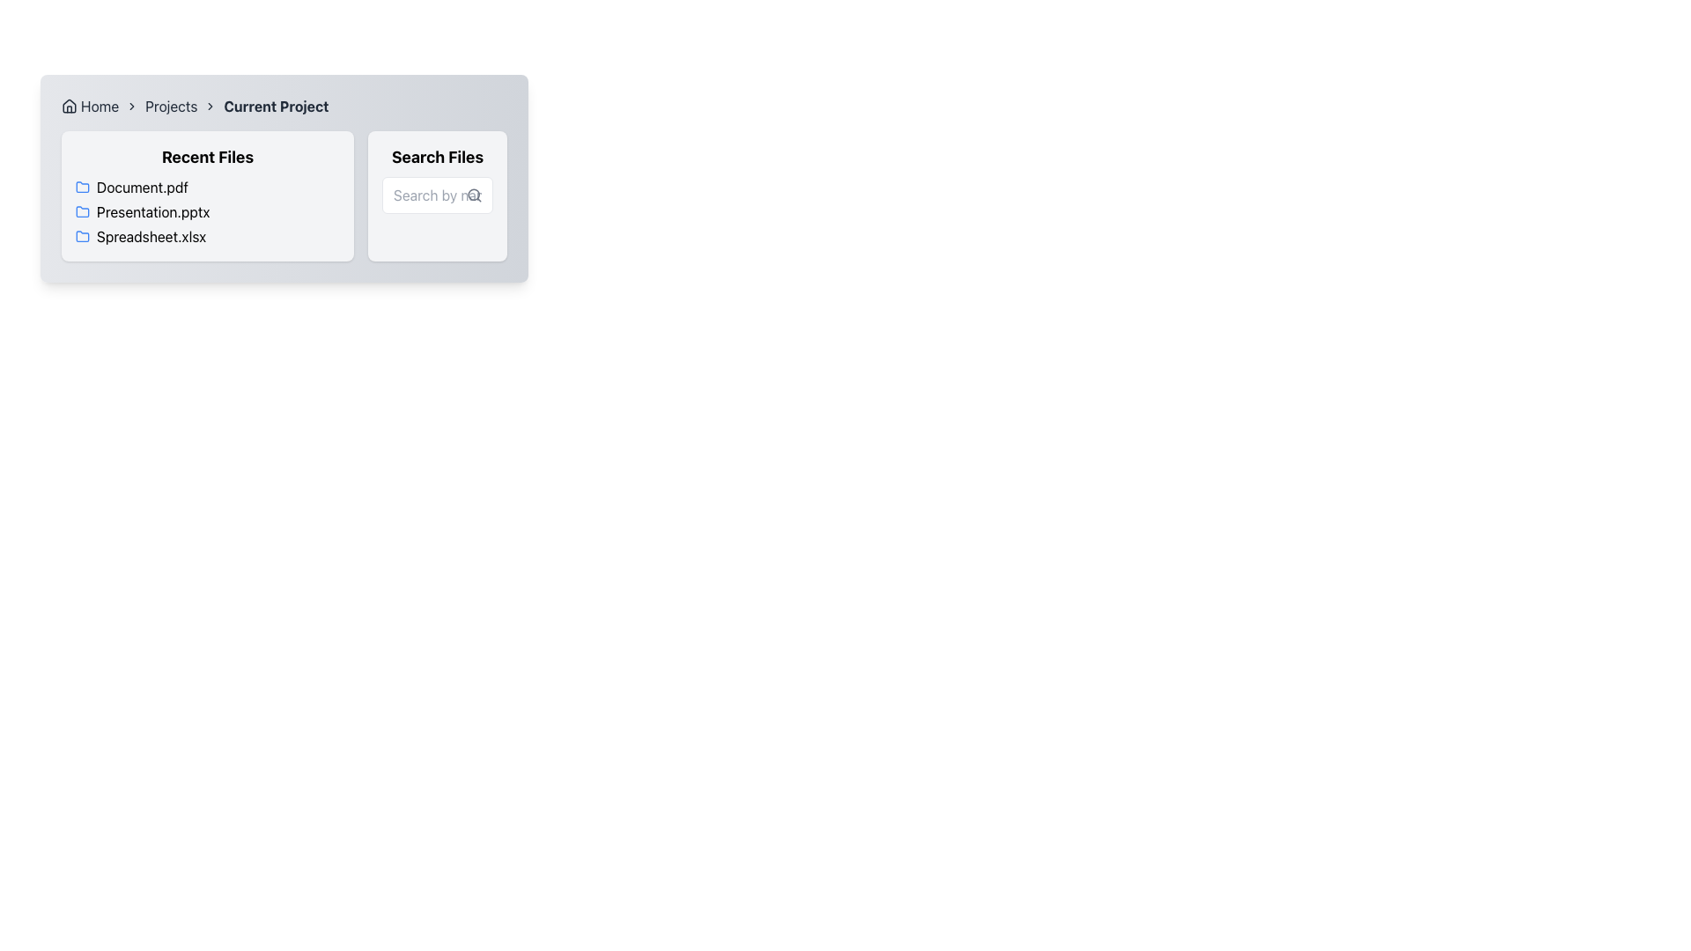 This screenshot has width=1691, height=951. Describe the element at coordinates (284, 196) in the screenshot. I see `a file entry from the list component located in the top center area of the interface` at that location.